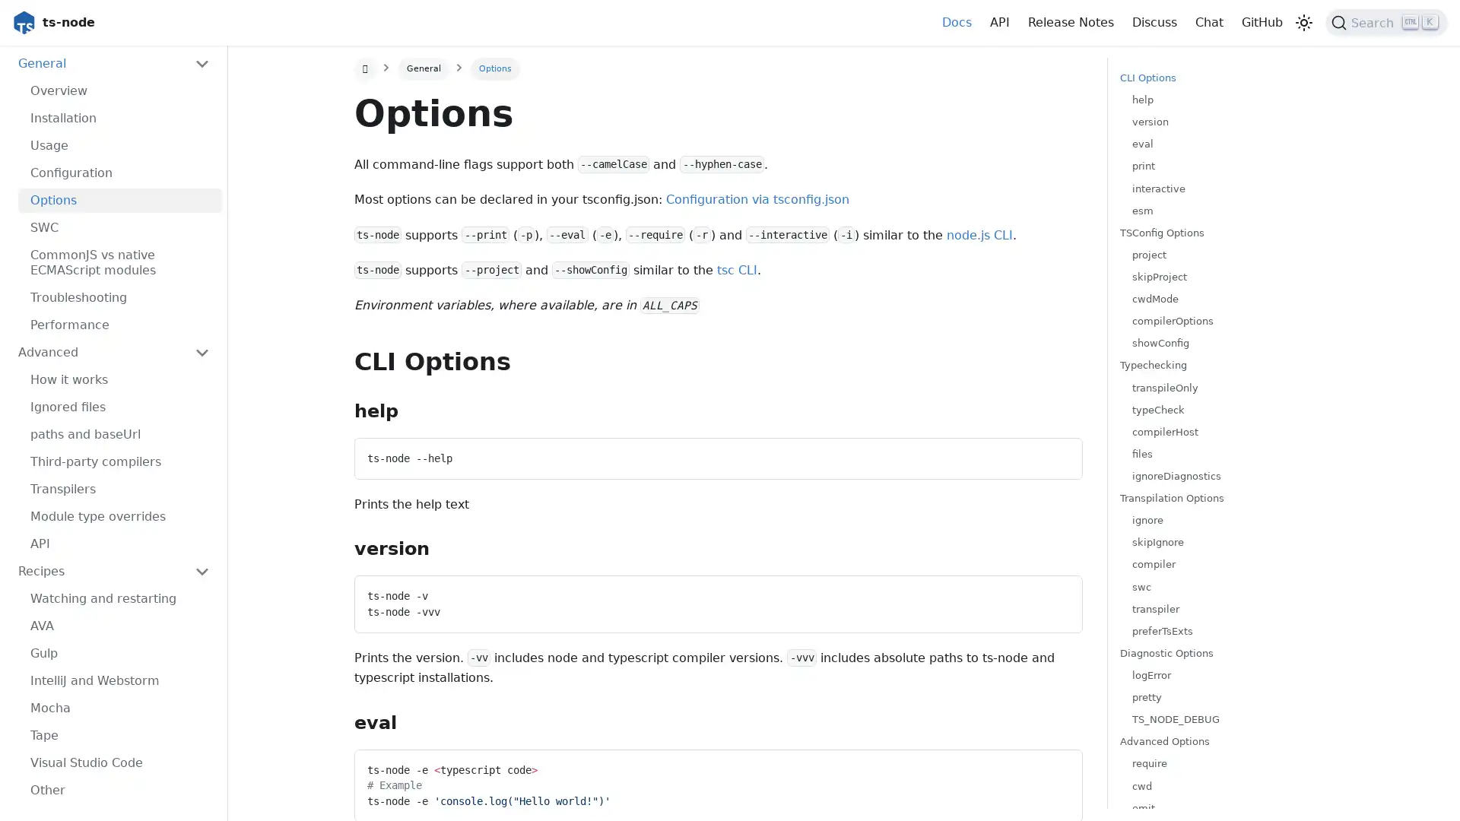 The image size is (1460, 821). Describe the element at coordinates (1386, 23) in the screenshot. I see `Search` at that location.